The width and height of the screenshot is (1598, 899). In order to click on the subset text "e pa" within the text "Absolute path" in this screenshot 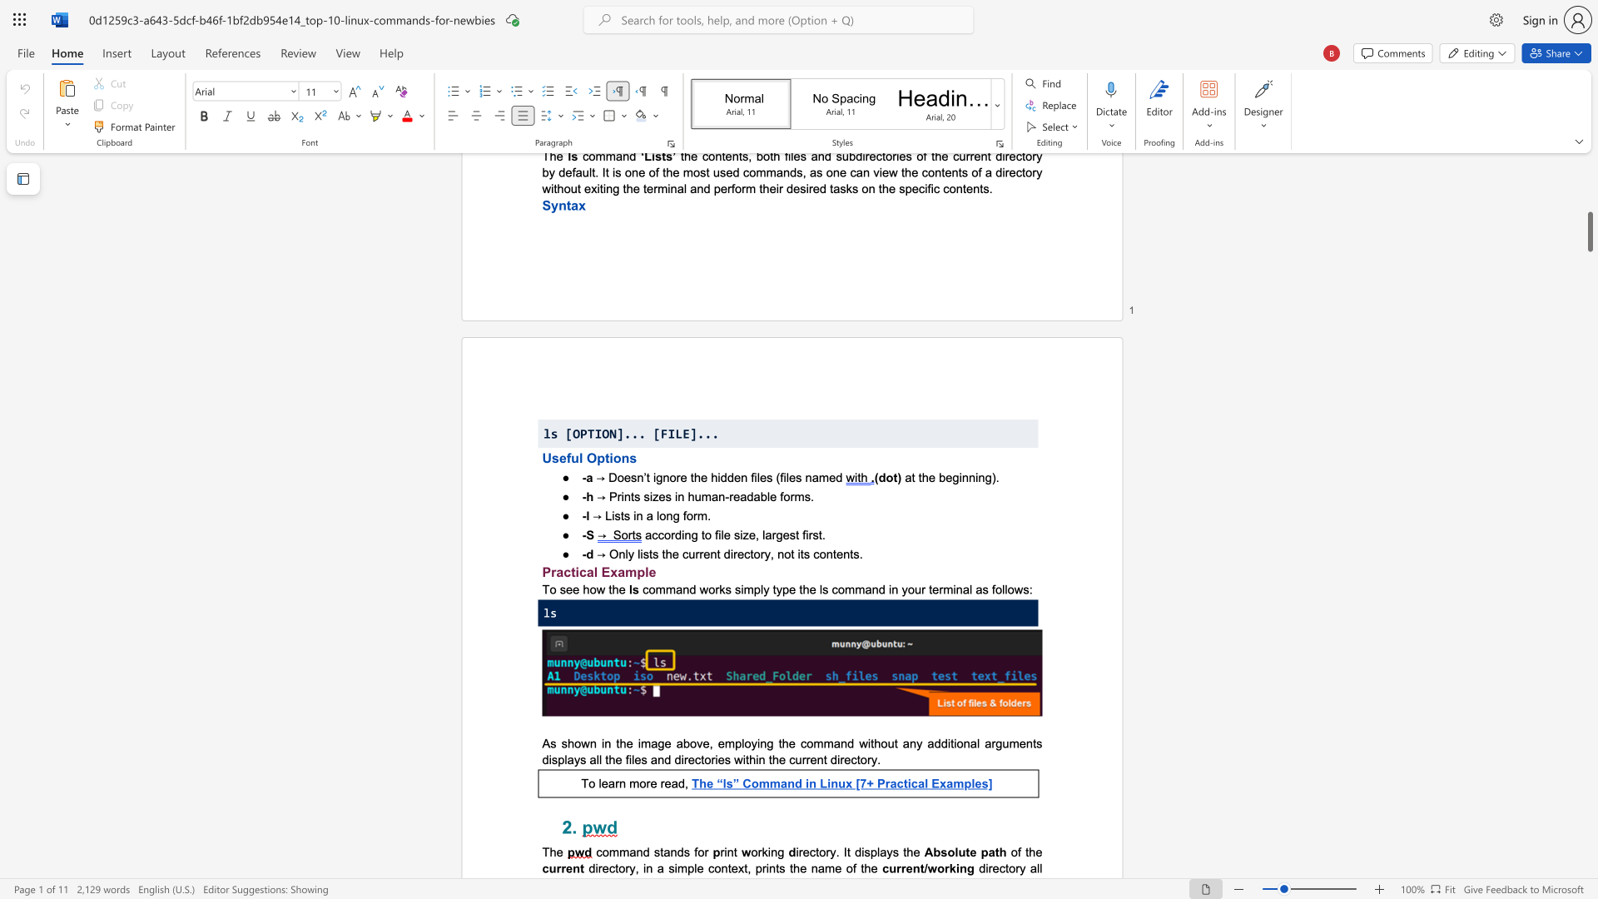, I will do `click(970, 852)`.